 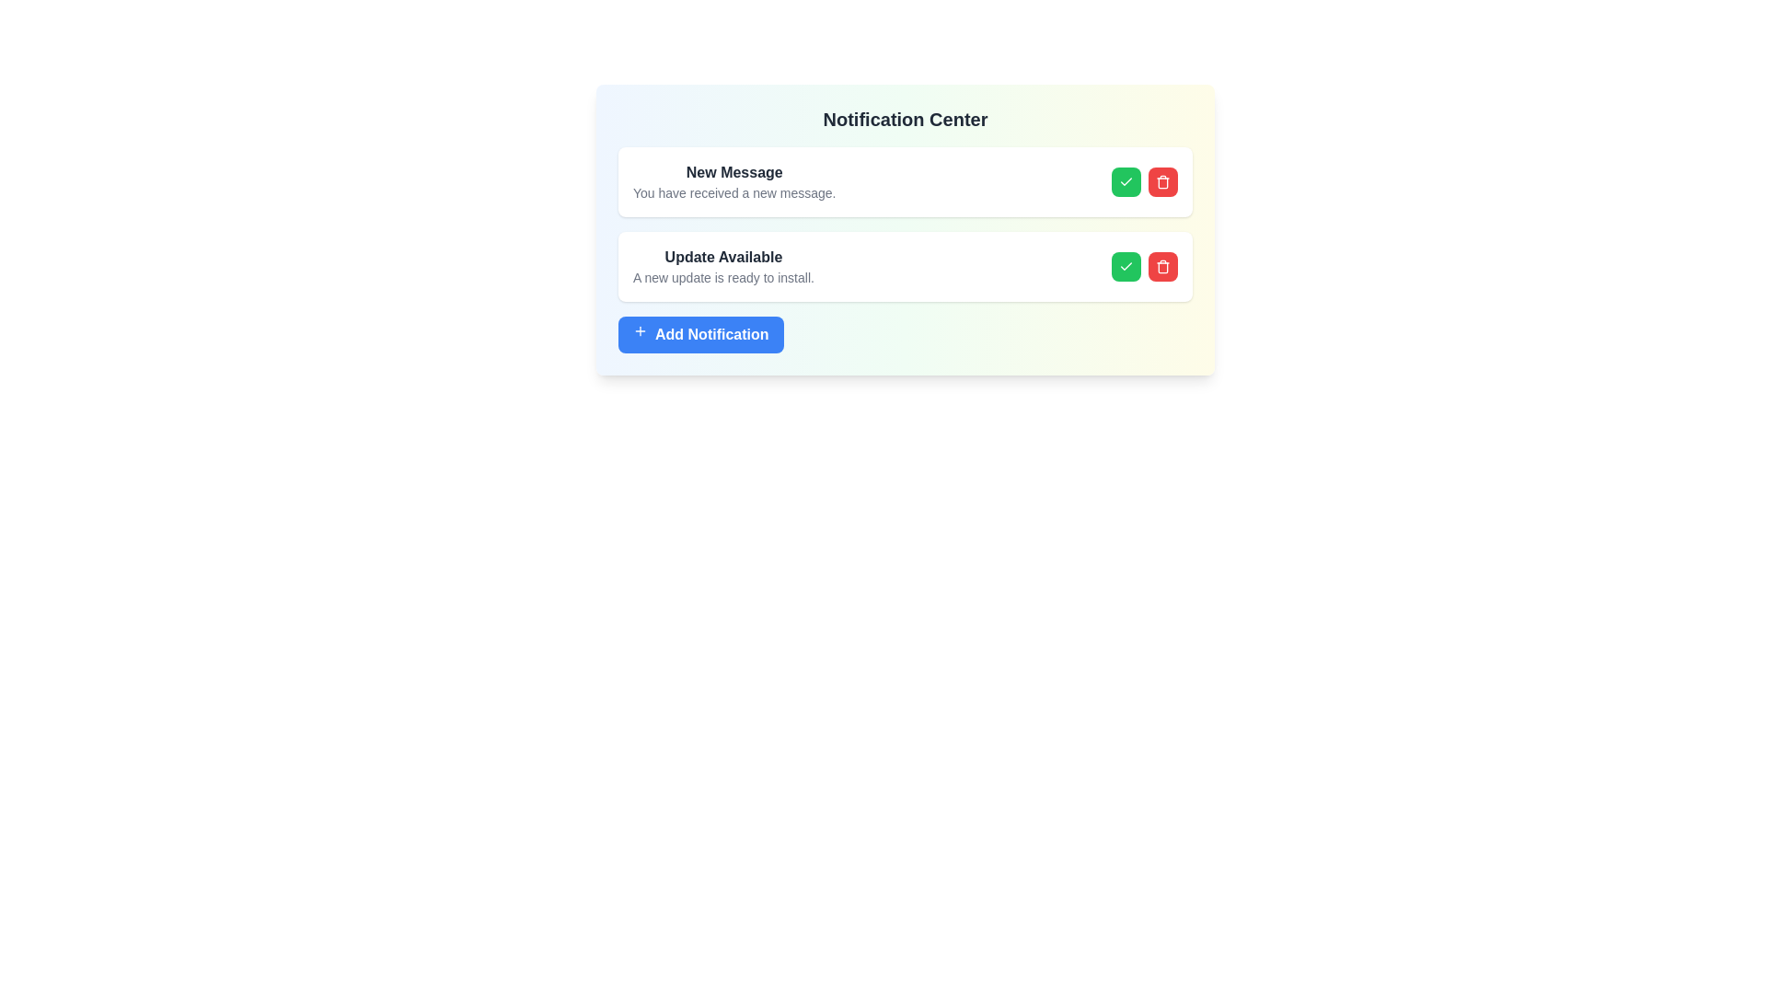 What do you see at coordinates (1143, 266) in the screenshot?
I see `the green accept button located in the bottom notification card under the text 'Update Available'` at bounding box center [1143, 266].